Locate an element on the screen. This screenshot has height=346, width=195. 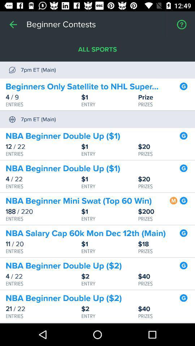
the icon above 11 / 20 is located at coordinates (86, 233).